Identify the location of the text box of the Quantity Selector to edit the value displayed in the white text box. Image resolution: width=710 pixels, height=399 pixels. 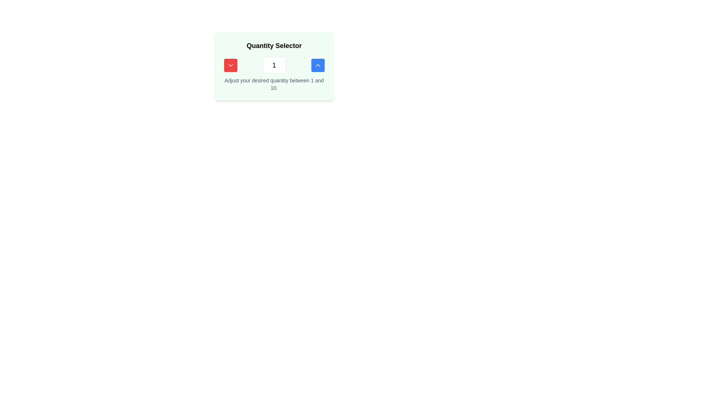
(274, 65).